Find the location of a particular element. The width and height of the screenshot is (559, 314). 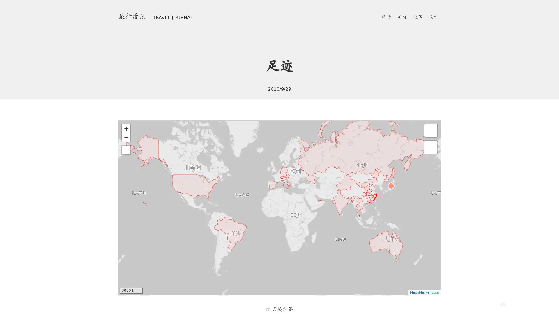

Marker is located at coordinates (358, 206).